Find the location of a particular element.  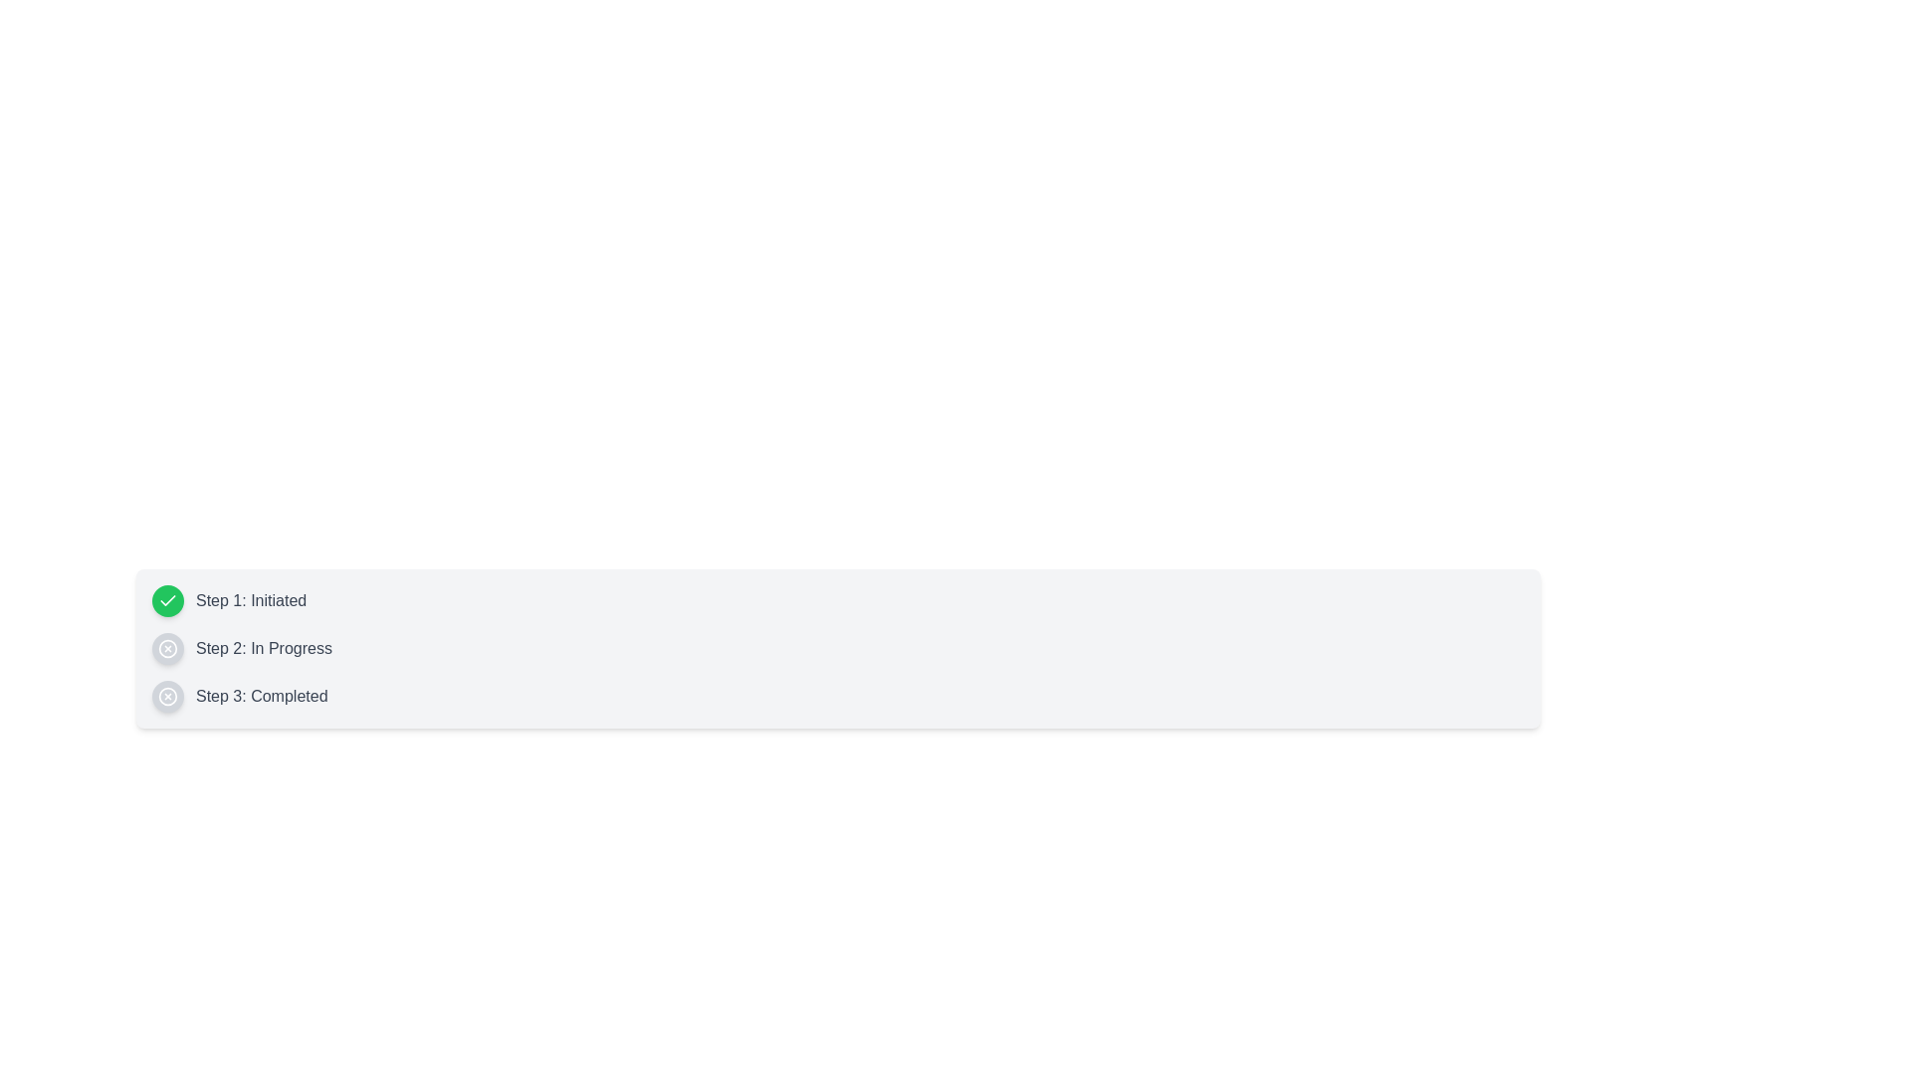

the static text label indicating the completion status of 'Step 3', positioned to the right of the circular icon with a cross mark inside is located at coordinates (261, 695).